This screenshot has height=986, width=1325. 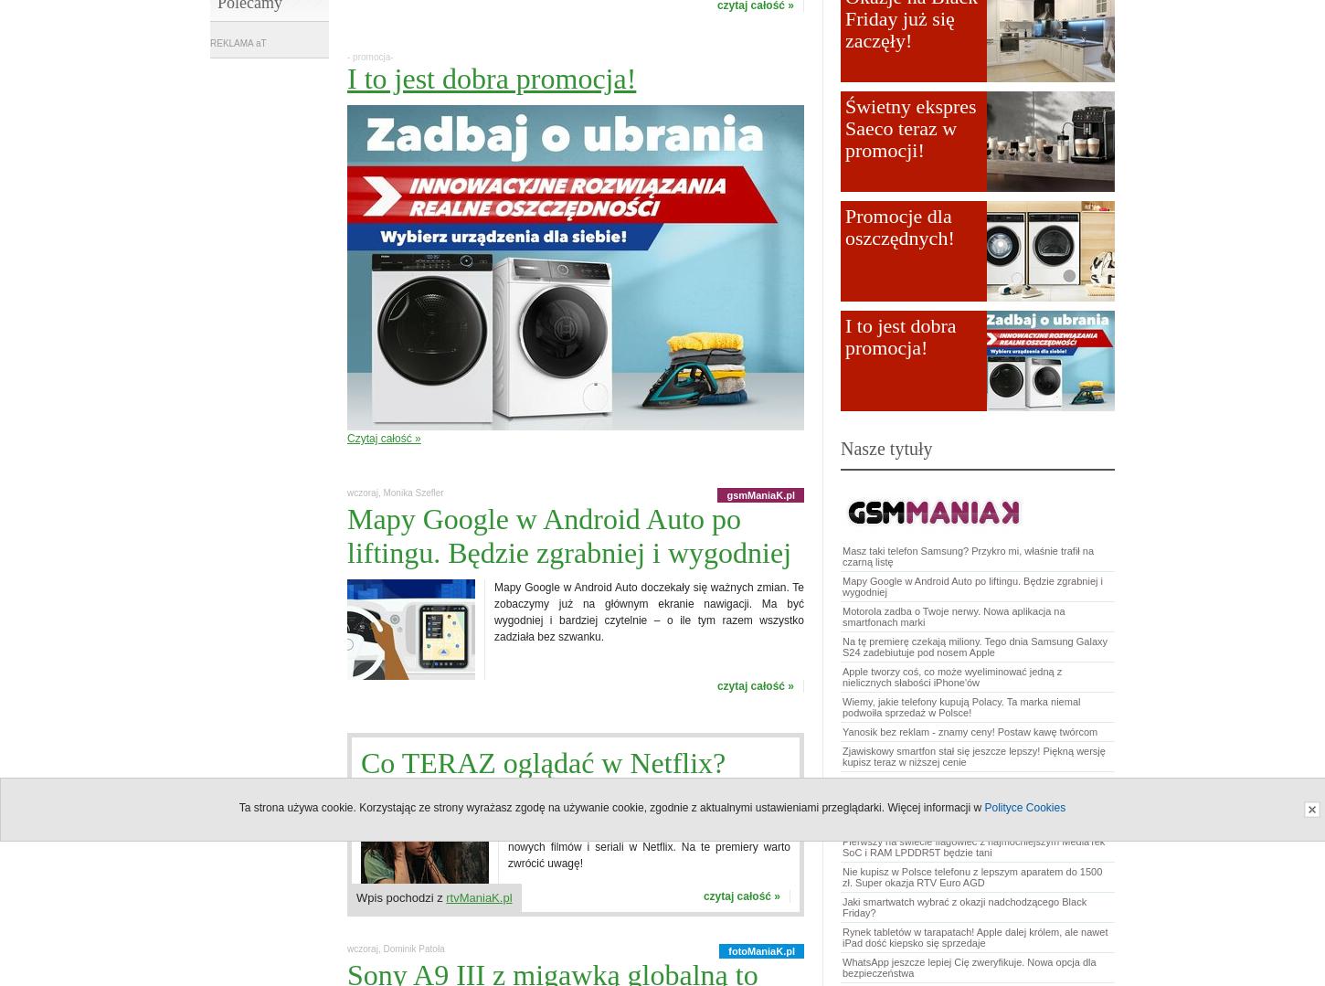 What do you see at coordinates (886, 448) in the screenshot?
I see `'Nasze tytuły'` at bounding box center [886, 448].